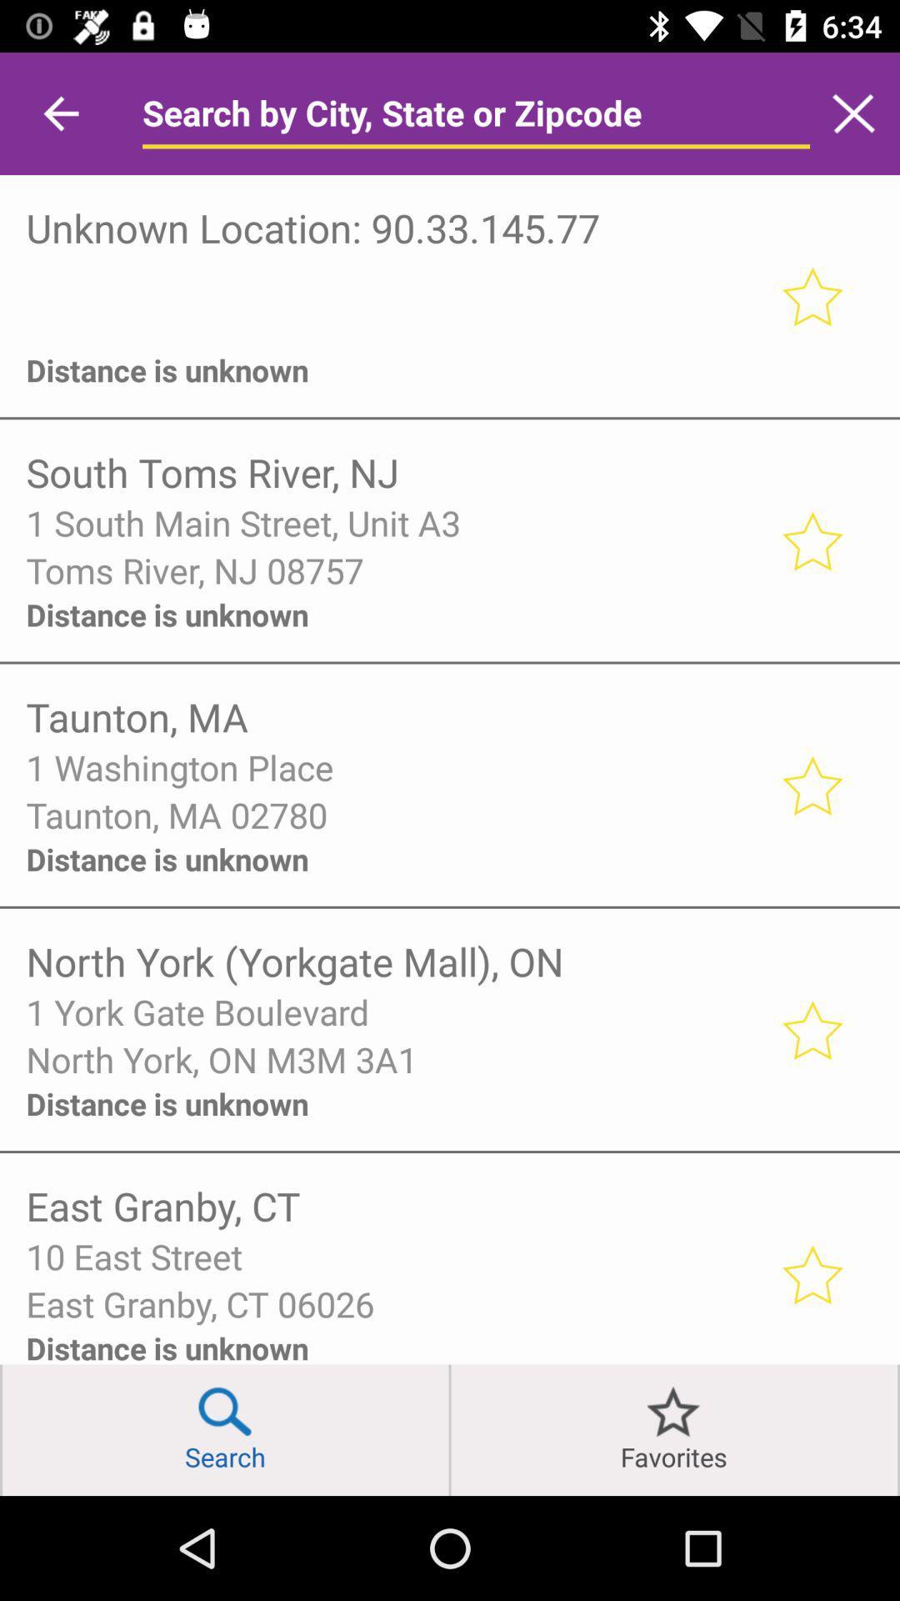 This screenshot has height=1601, width=900. What do you see at coordinates (853, 113) in the screenshot?
I see `search` at bounding box center [853, 113].